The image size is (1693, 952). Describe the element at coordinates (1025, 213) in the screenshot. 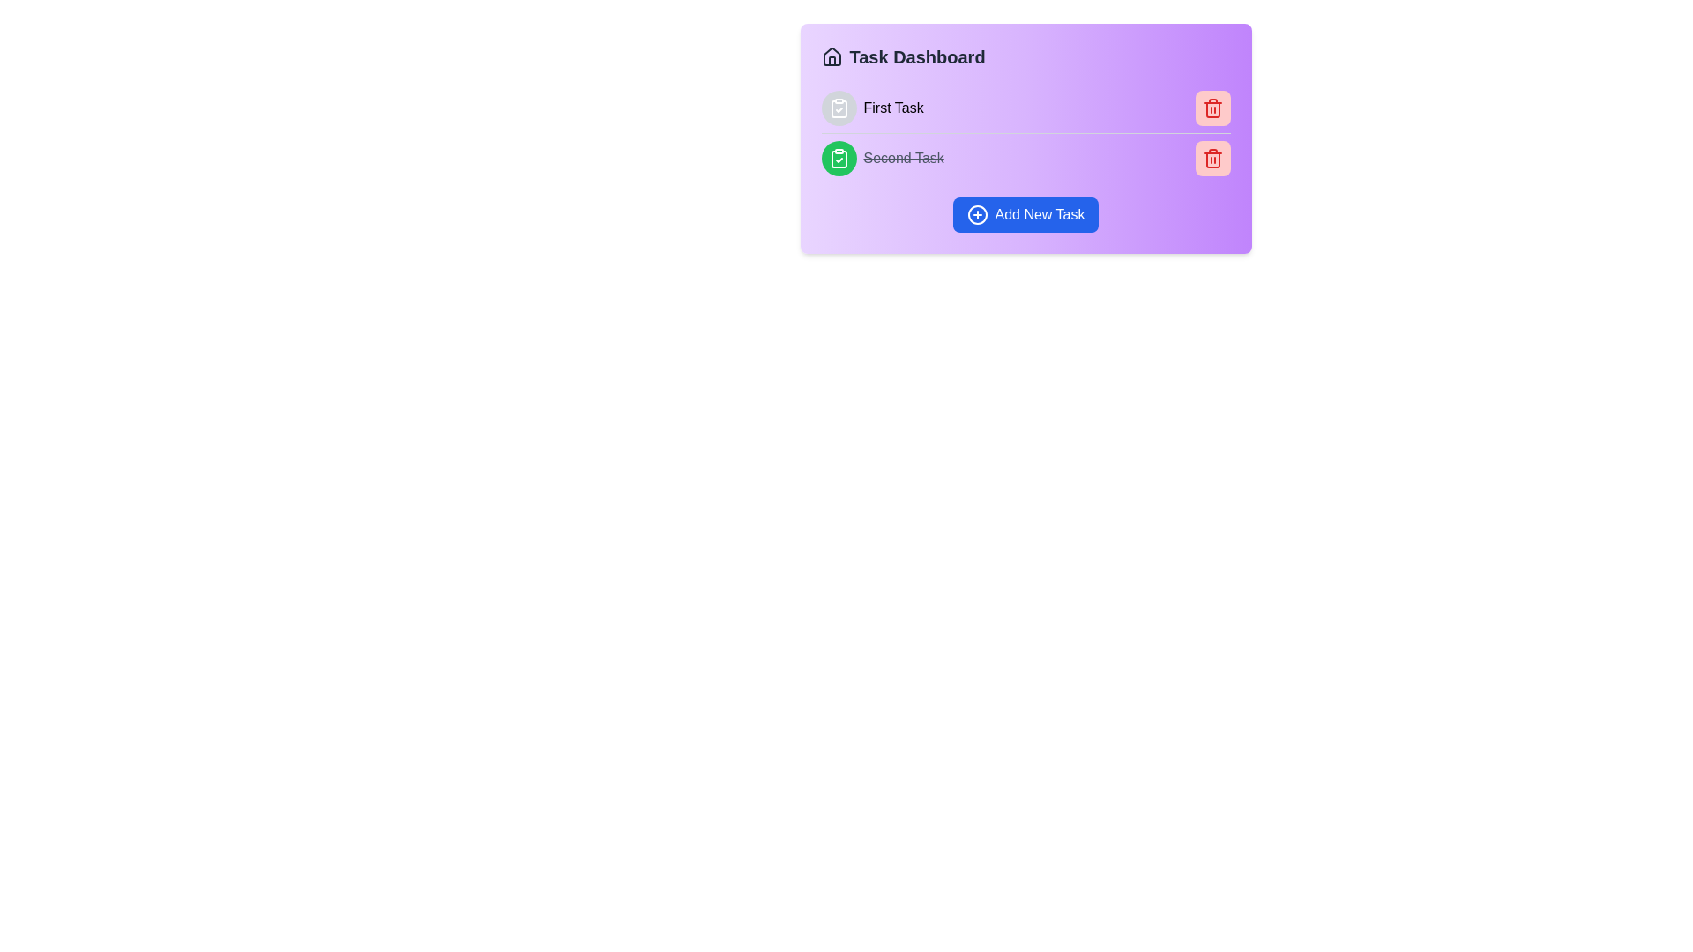

I see `the rectangular button with a blue background and white text that reads 'Add New Task'` at that location.